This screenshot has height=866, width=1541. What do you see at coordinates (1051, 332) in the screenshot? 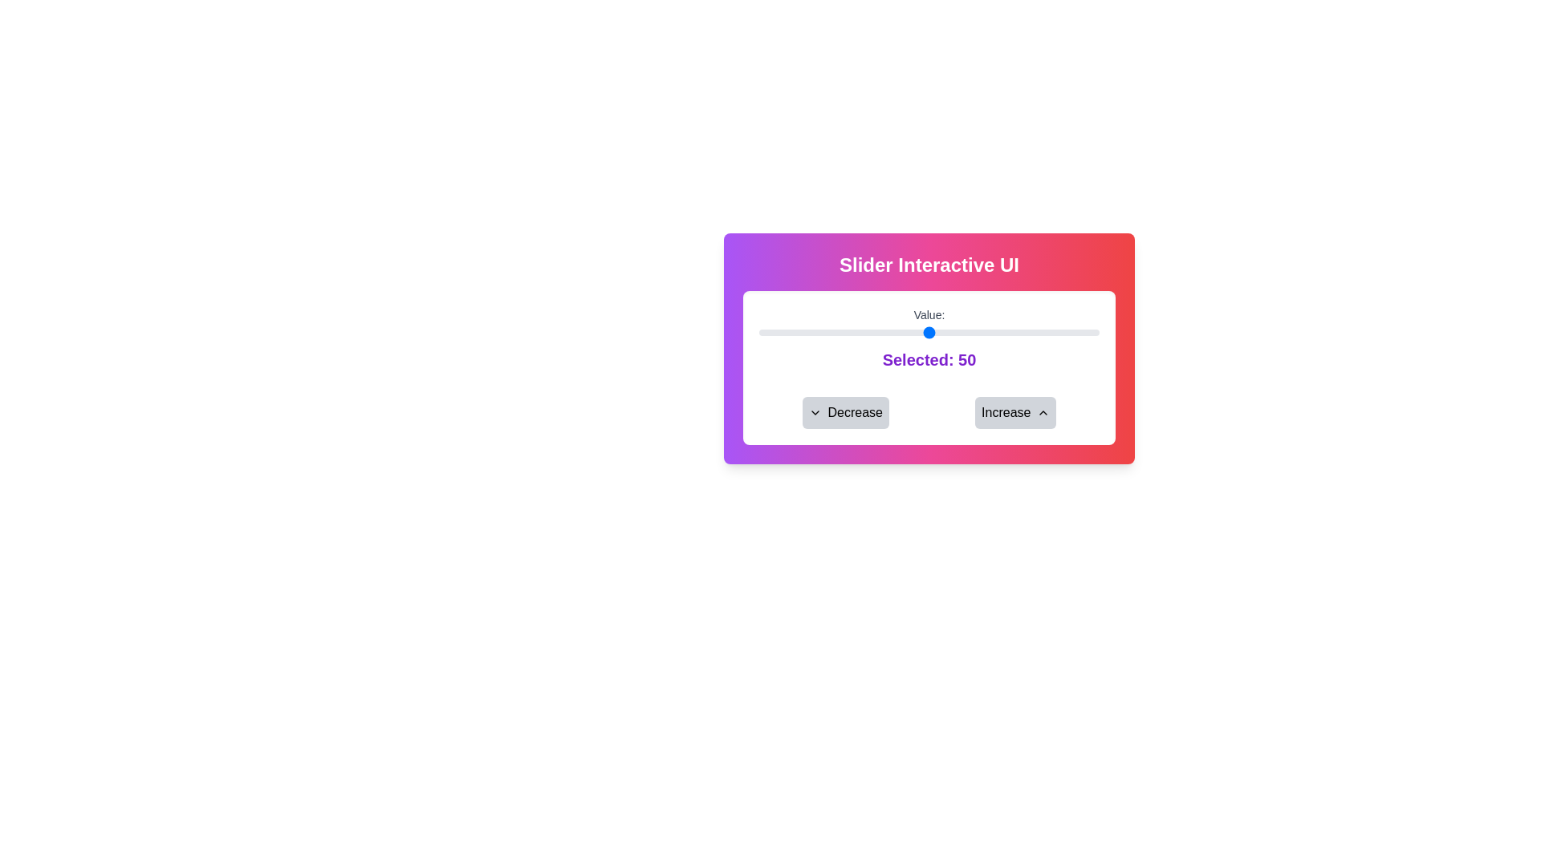
I see `the slider value` at bounding box center [1051, 332].